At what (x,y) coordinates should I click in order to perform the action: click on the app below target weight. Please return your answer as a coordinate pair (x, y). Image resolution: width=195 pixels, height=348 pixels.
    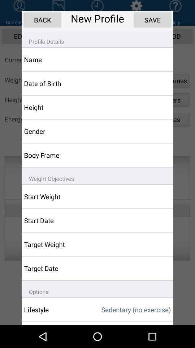
    Looking at the image, I should click on (56, 268).